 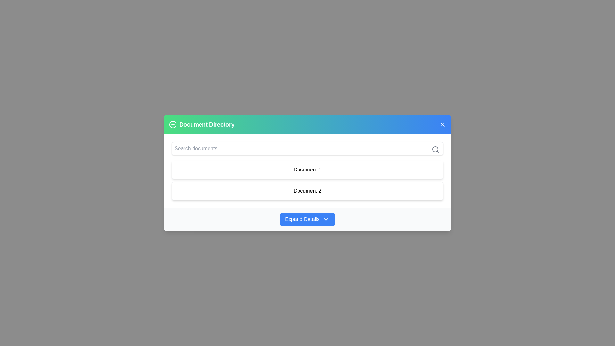 What do you see at coordinates (307, 190) in the screenshot?
I see `the document Document 2 from the list` at bounding box center [307, 190].